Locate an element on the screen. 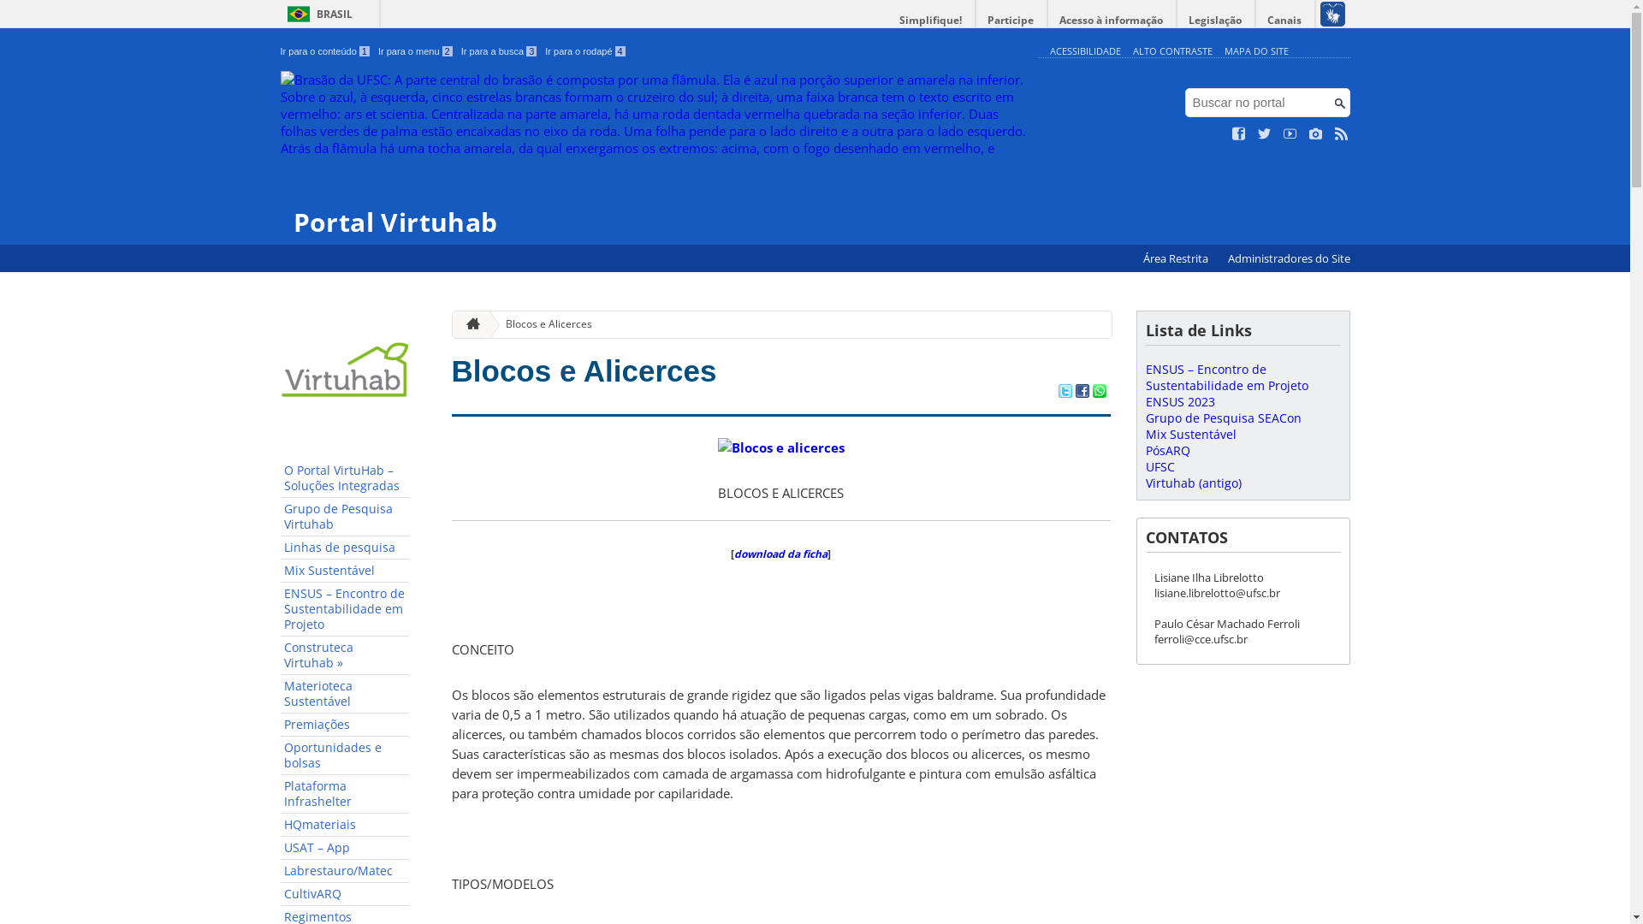  'Siga no Twitter' is located at coordinates (1257, 133).